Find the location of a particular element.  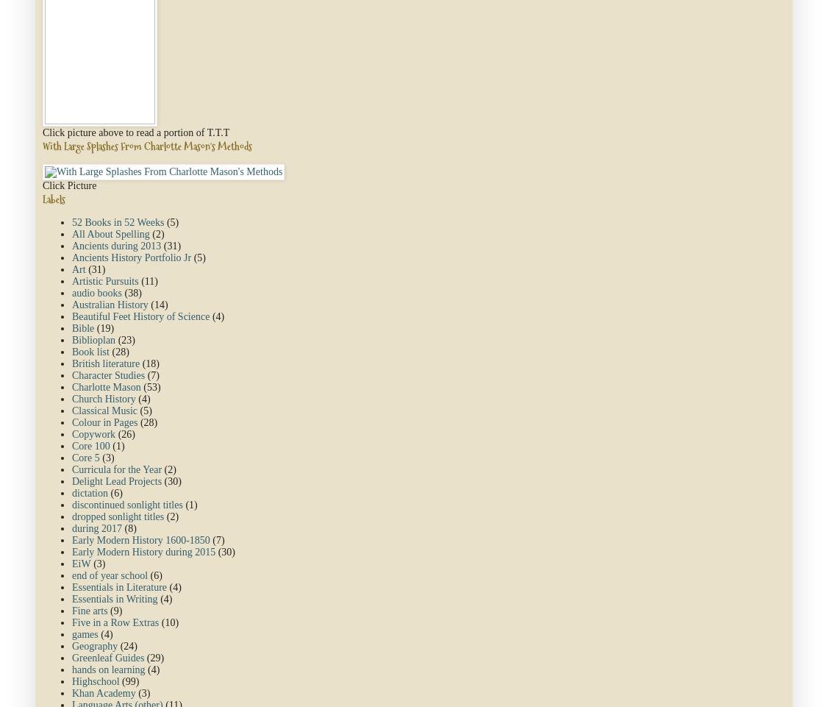

'Book list' is located at coordinates (72, 351).